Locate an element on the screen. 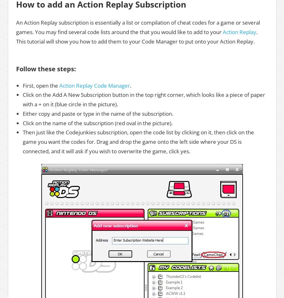 Image resolution: width=284 pixels, height=298 pixels. 'Follow these steps:' is located at coordinates (46, 68).